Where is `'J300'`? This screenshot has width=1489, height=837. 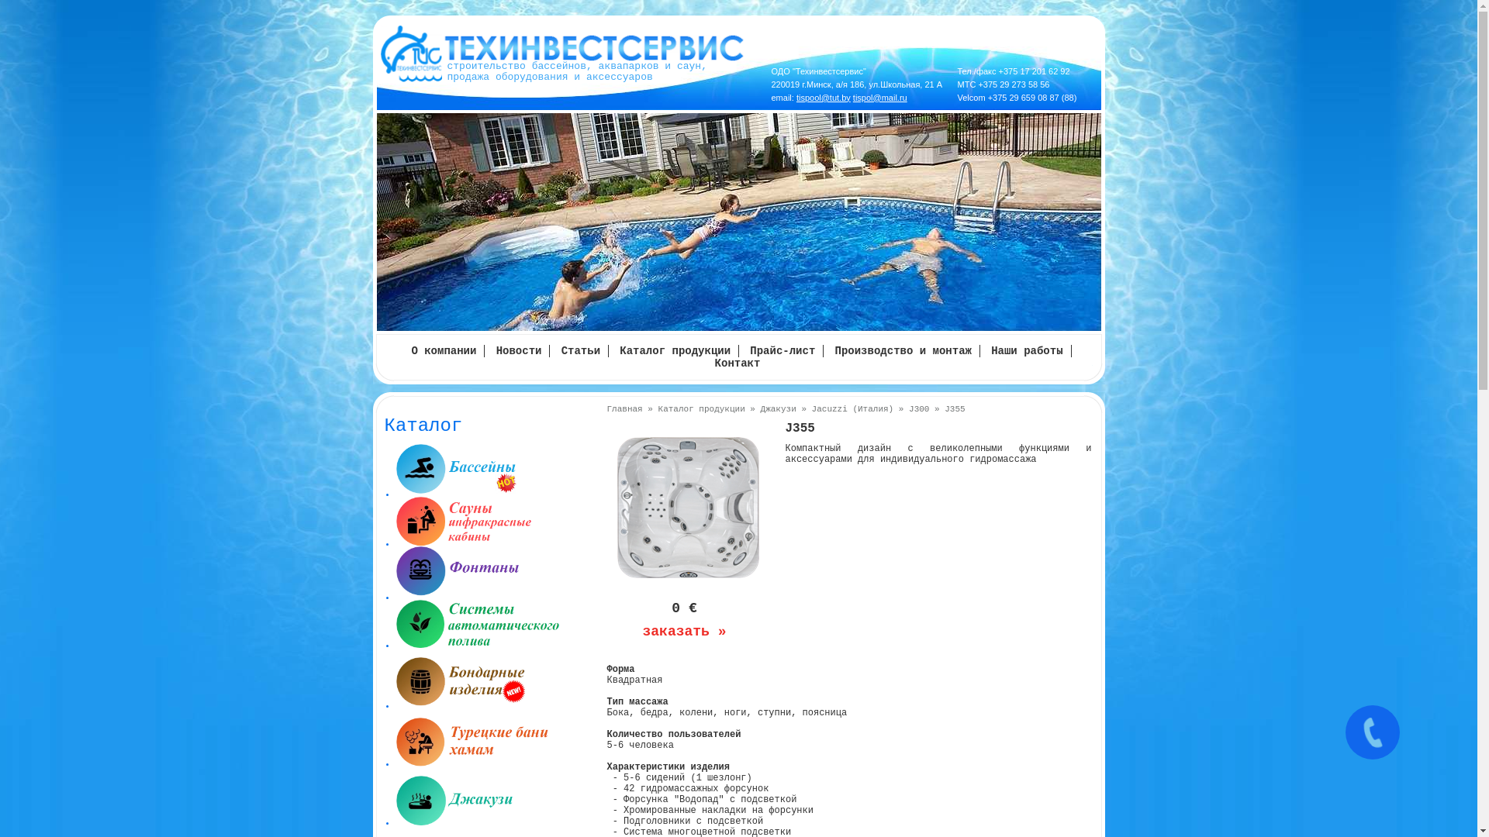
'J300' is located at coordinates (919, 408).